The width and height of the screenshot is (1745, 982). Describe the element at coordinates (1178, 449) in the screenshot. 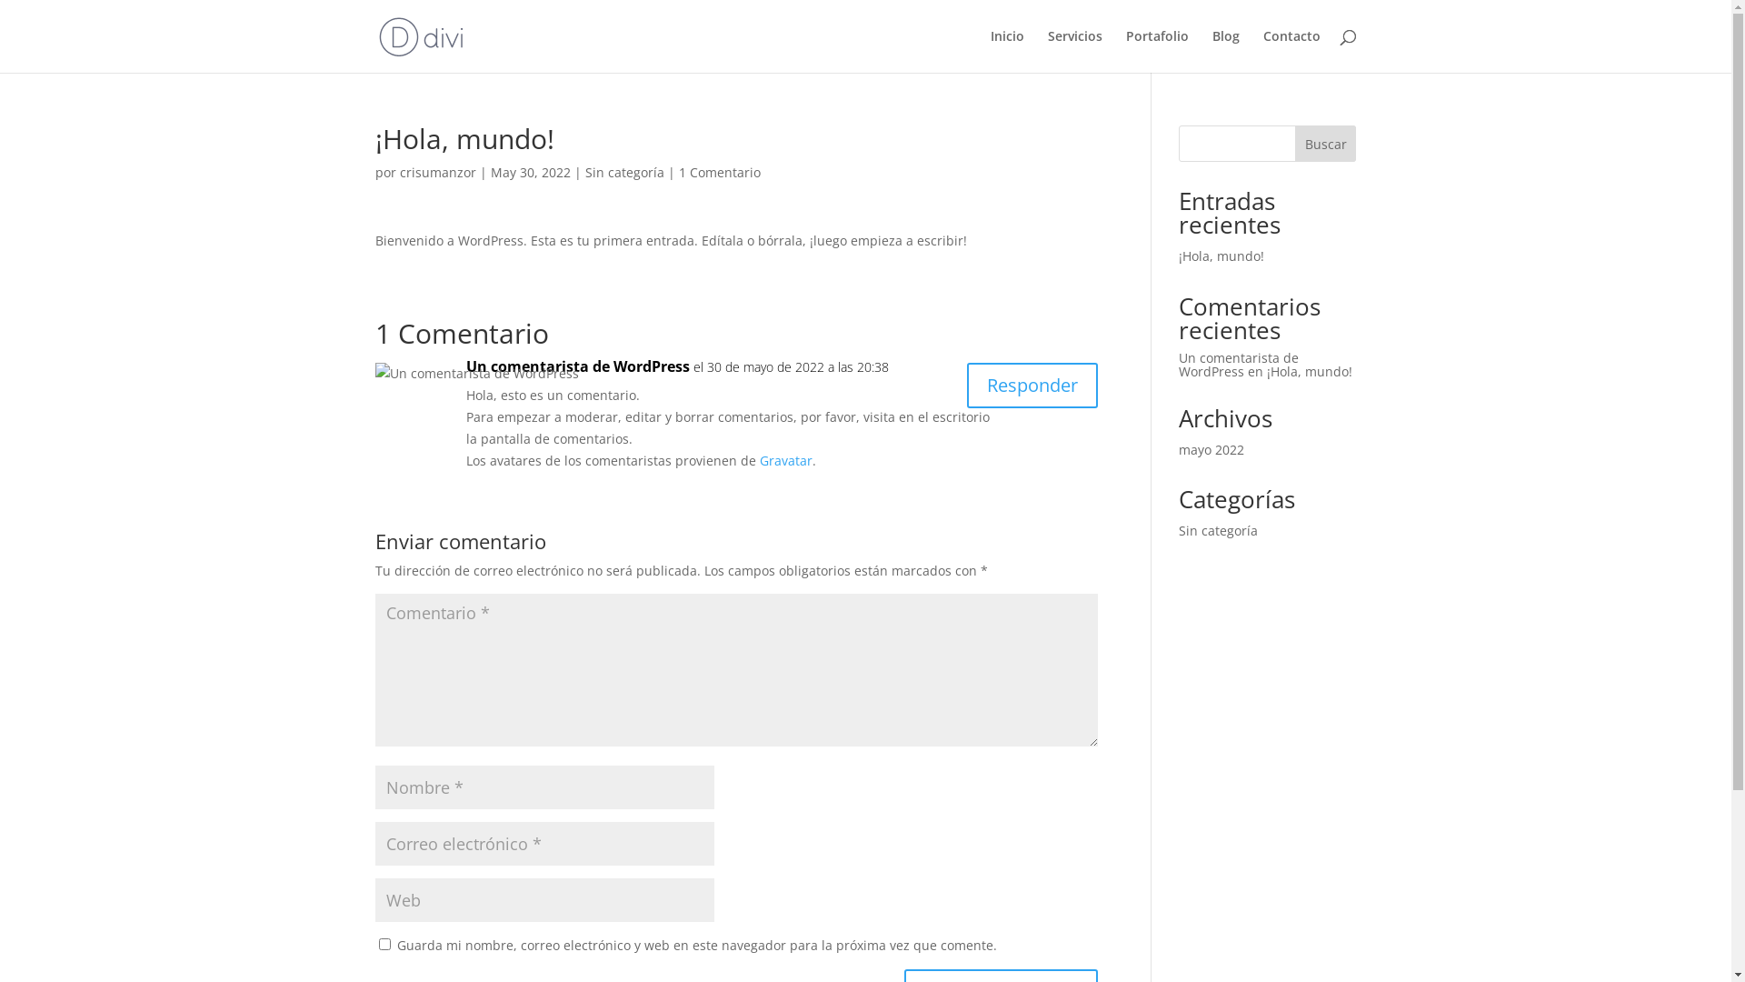

I see `'mayo 2022'` at that location.